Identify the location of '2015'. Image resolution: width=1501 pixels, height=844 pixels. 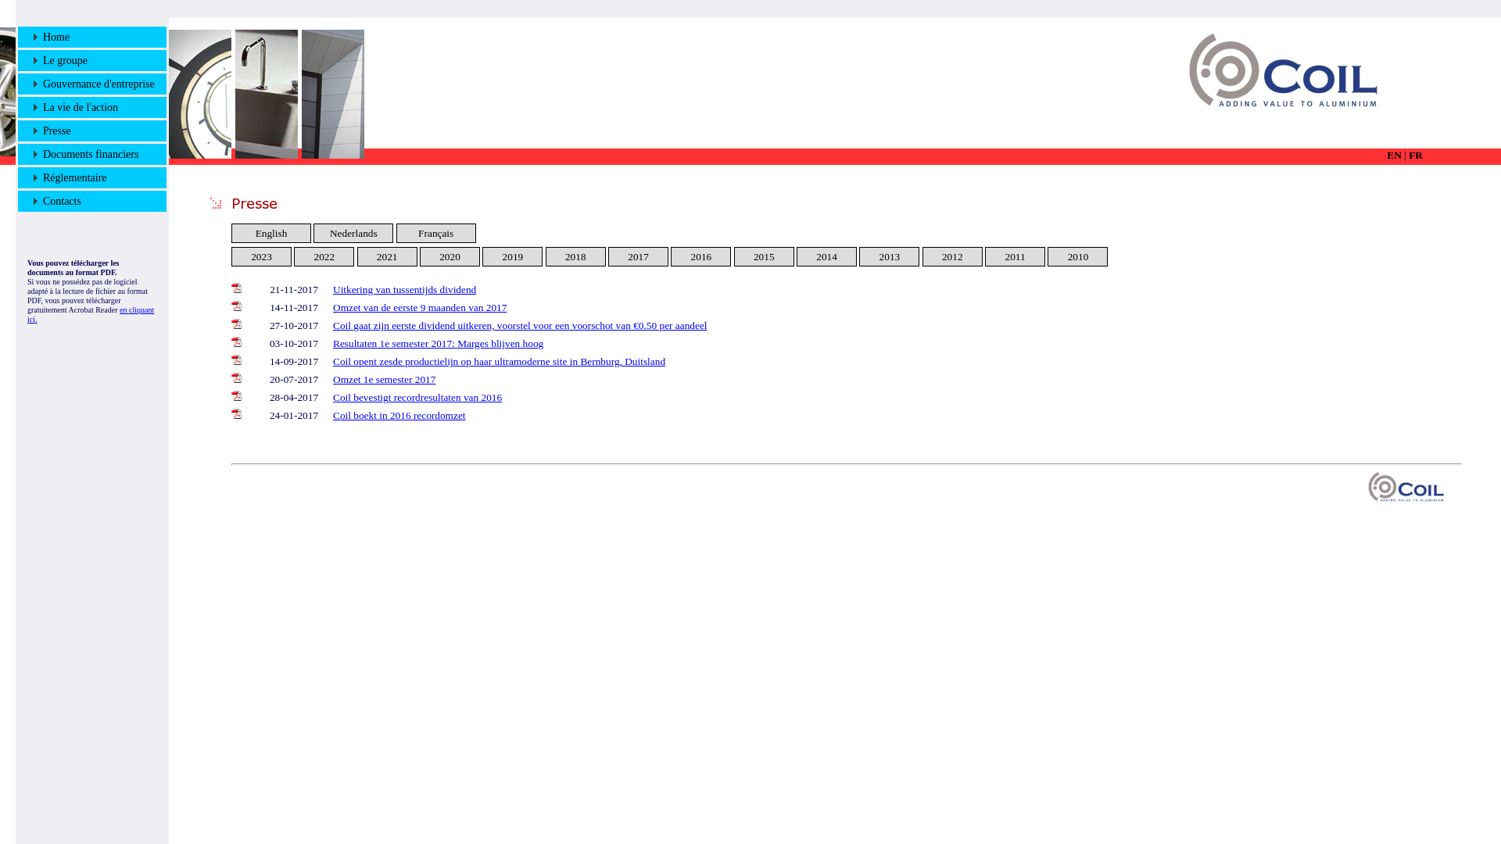
(764, 256).